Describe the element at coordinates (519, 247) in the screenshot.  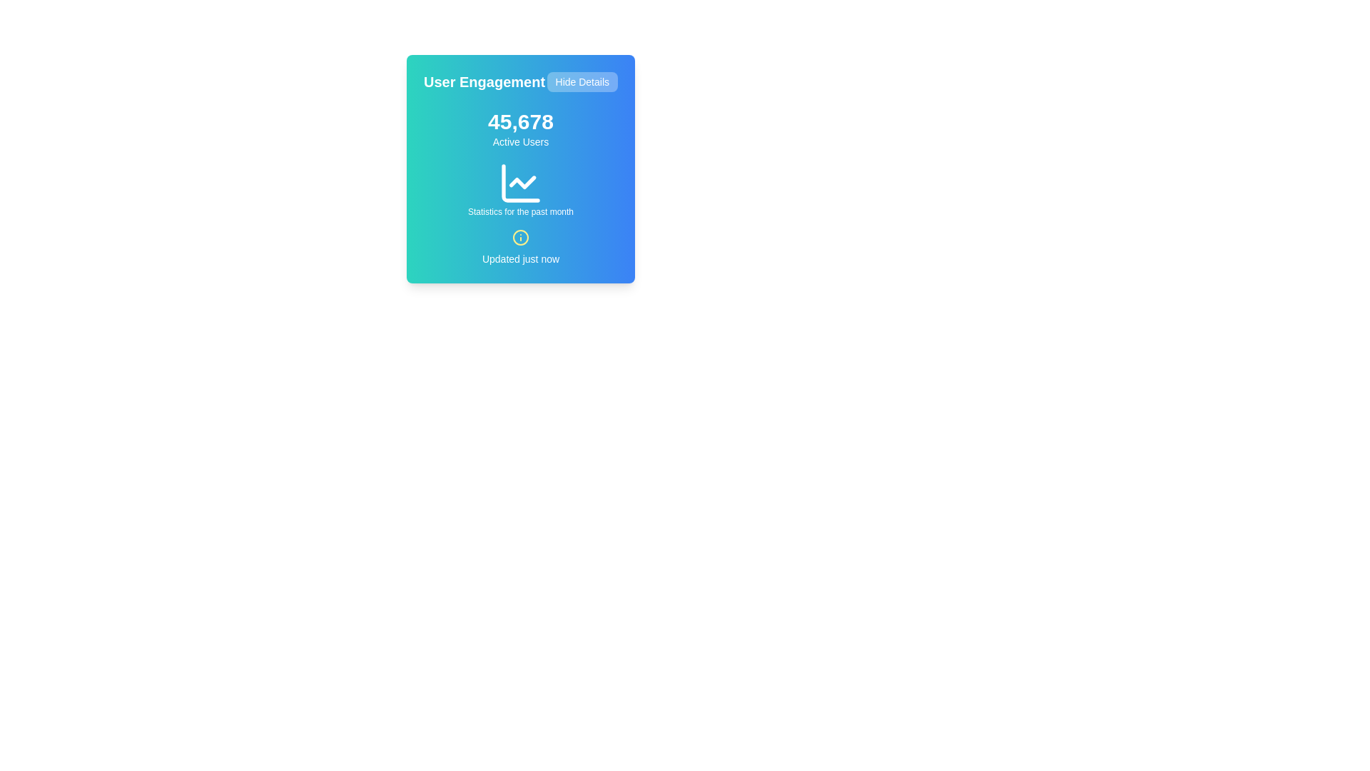
I see `the informative label located at the bottom of the 'User Engagement' card, directly below 'Statistics for the past month' and centered within the card` at that location.